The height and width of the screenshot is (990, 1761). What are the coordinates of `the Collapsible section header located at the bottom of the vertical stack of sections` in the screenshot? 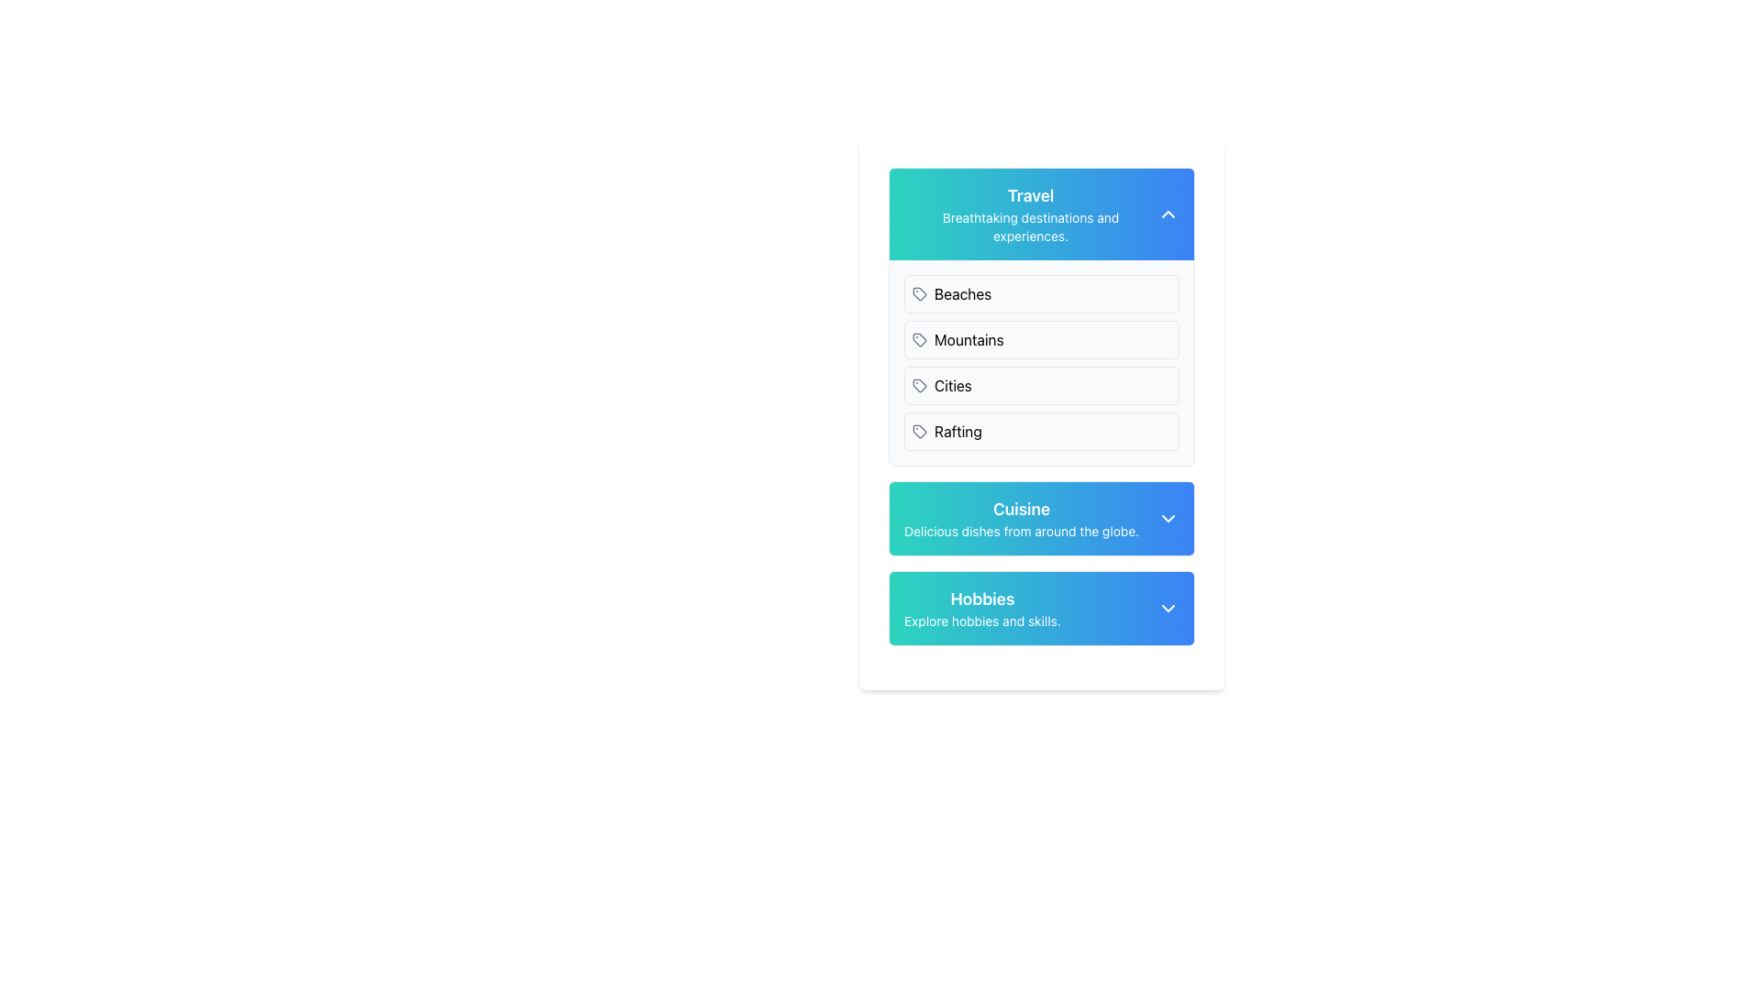 It's located at (1042, 608).